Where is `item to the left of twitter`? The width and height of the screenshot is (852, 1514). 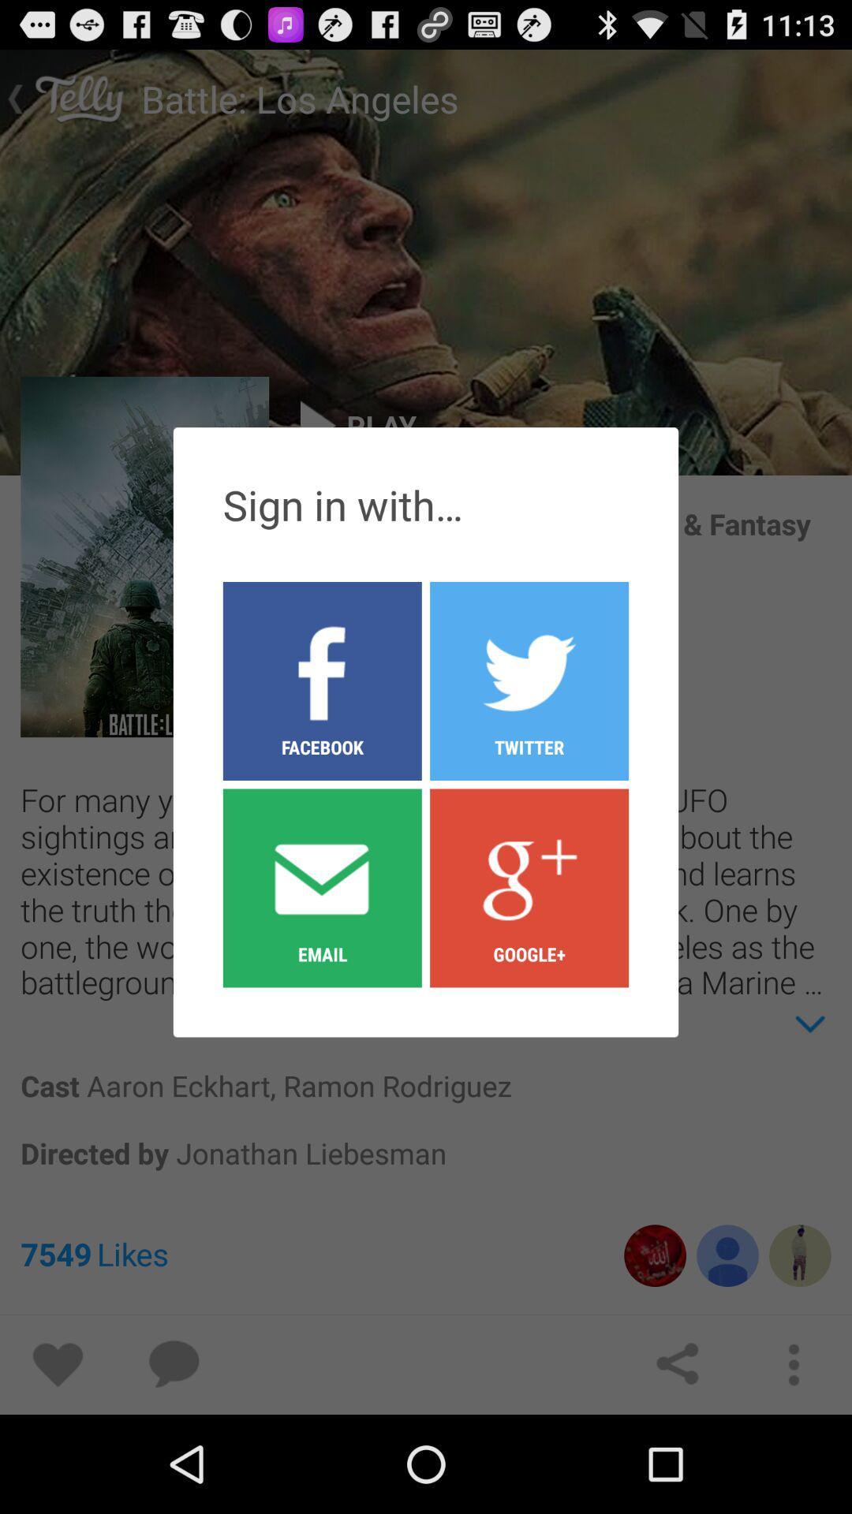
item to the left of twitter is located at coordinates (321, 681).